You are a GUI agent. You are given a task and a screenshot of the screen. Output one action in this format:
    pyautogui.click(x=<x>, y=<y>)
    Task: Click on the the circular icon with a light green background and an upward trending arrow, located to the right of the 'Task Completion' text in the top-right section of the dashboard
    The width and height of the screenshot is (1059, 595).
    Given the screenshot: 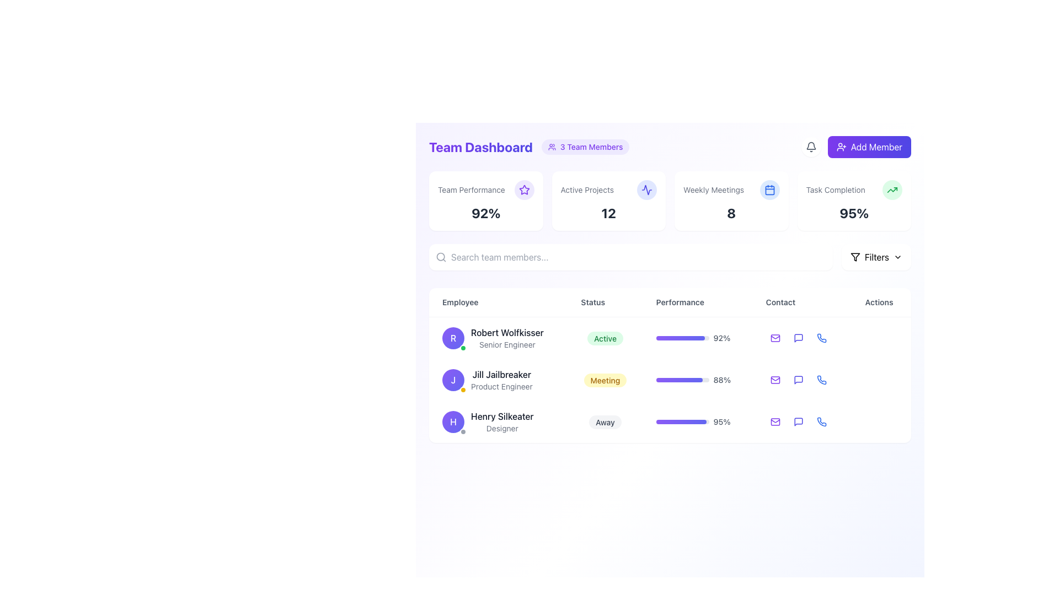 What is the action you would take?
    pyautogui.click(x=892, y=189)
    